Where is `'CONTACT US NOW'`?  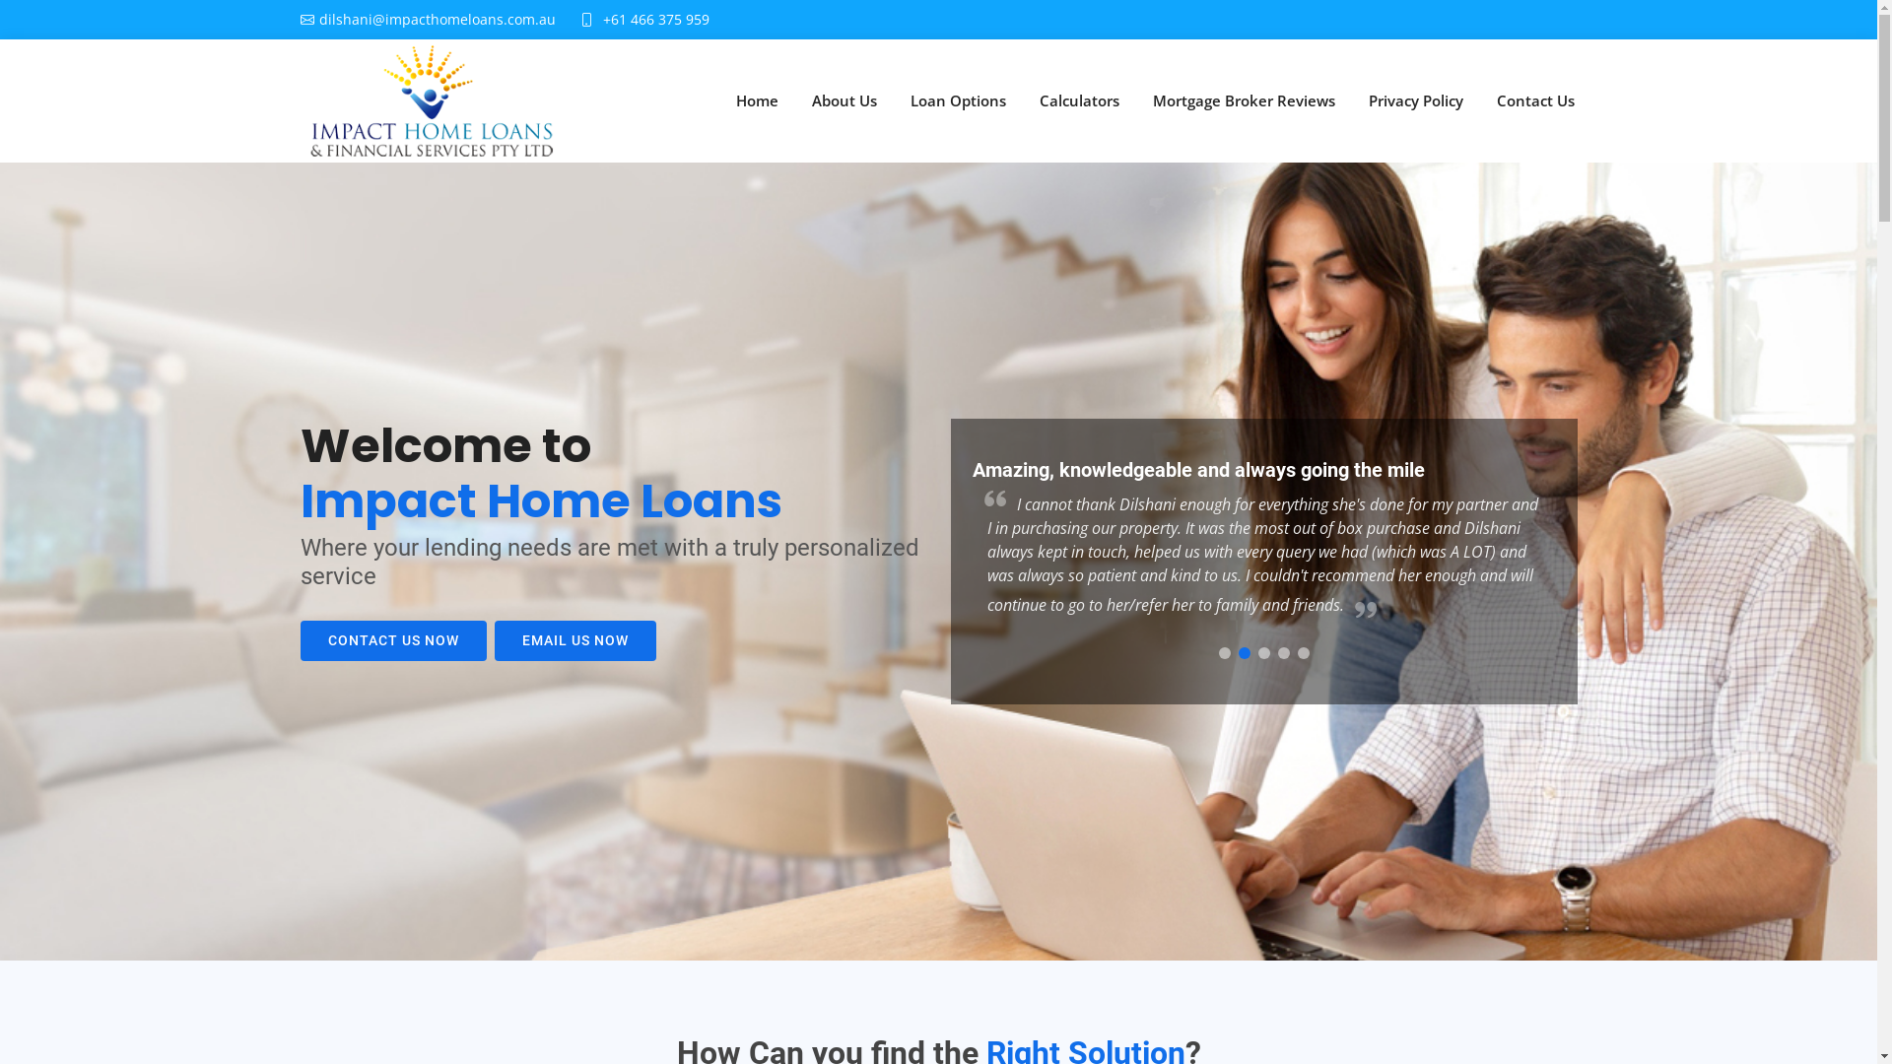
'CONTACT US NOW' is located at coordinates (298, 640).